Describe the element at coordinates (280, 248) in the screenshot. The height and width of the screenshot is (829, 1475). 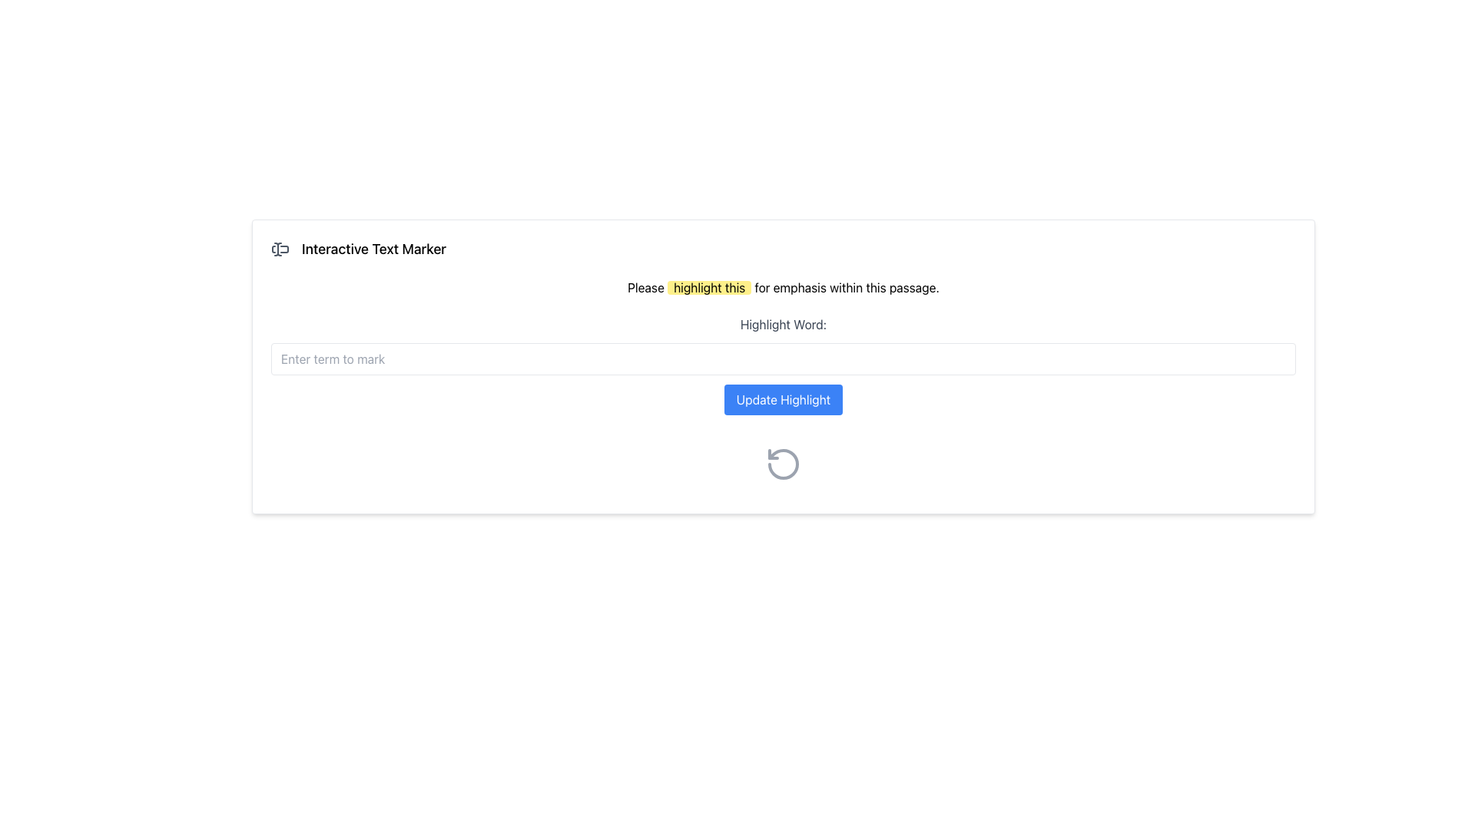
I see `the icon representing the 'Interactive Text Marker' section, which is located to the left of the text 'Interactive Text Marker'` at that location.